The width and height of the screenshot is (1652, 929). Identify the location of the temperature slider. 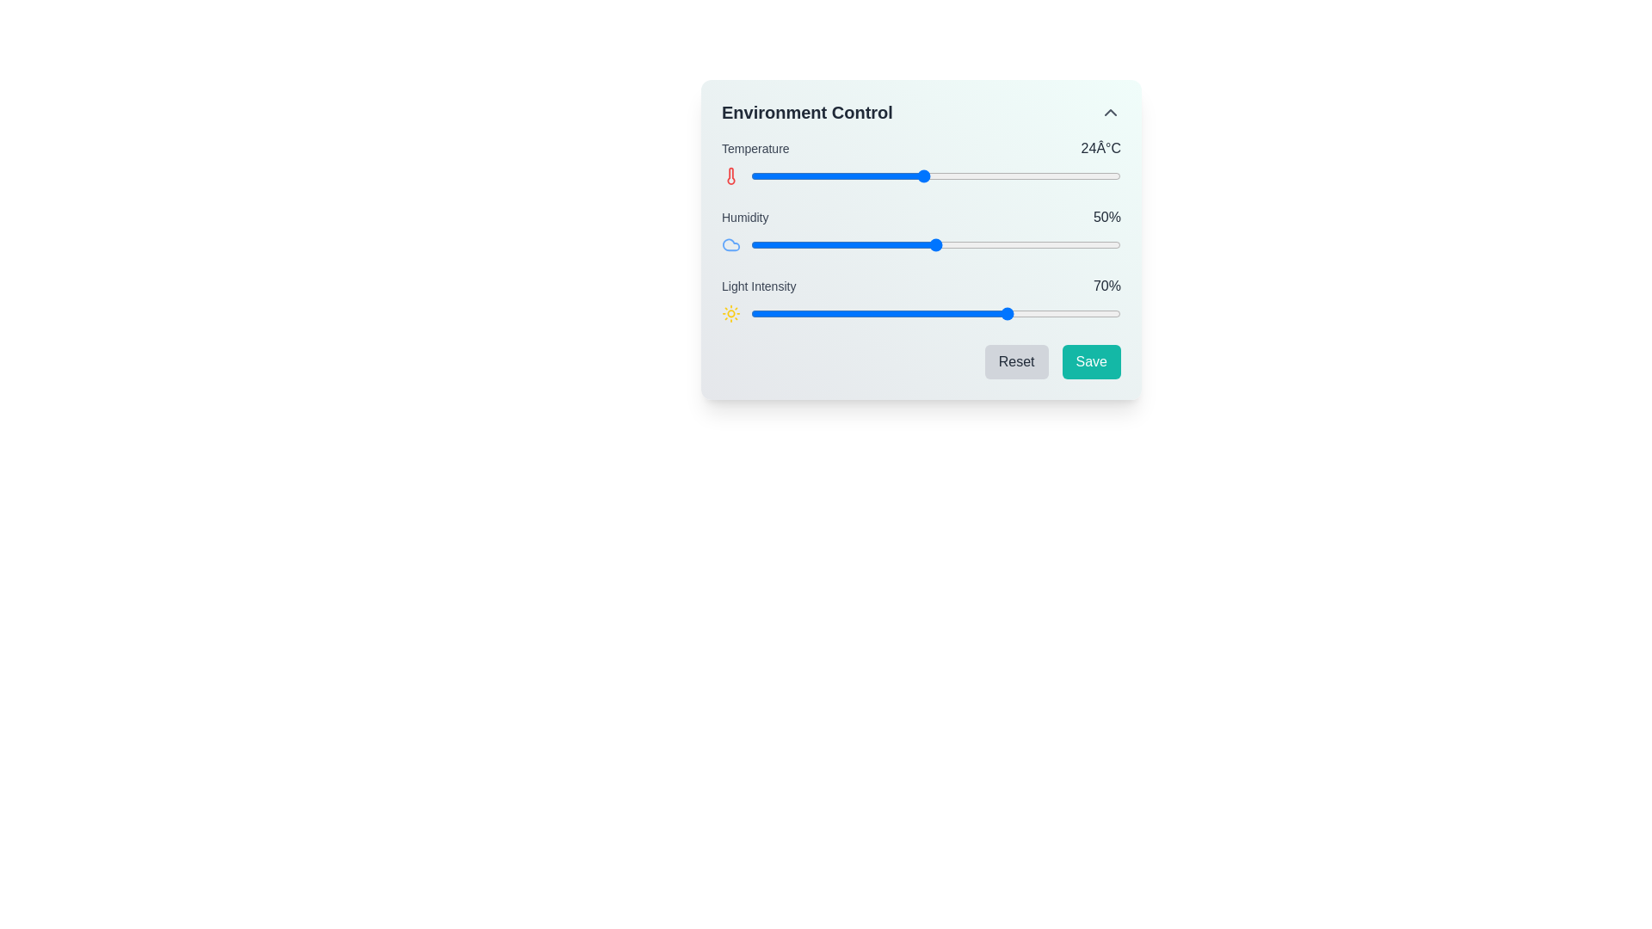
(997, 175).